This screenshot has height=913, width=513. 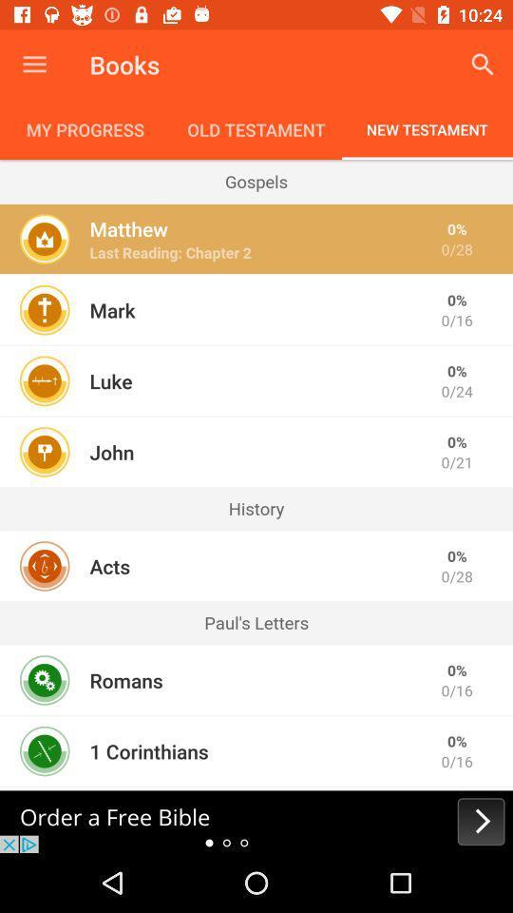 What do you see at coordinates (170, 251) in the screenshot?
I see `item to the left of 0/28` at bounding box center [170, 251].